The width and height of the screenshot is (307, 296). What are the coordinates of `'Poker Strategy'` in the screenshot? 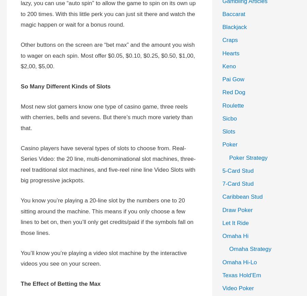 It's located at (248, 157).